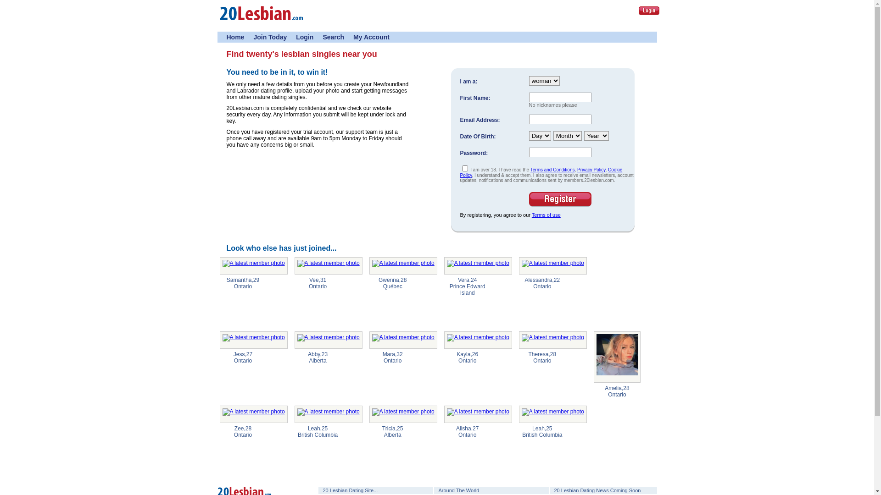  I want to click on 'Mara, 32 from Oshawa, Ontario', so click(403, 340).